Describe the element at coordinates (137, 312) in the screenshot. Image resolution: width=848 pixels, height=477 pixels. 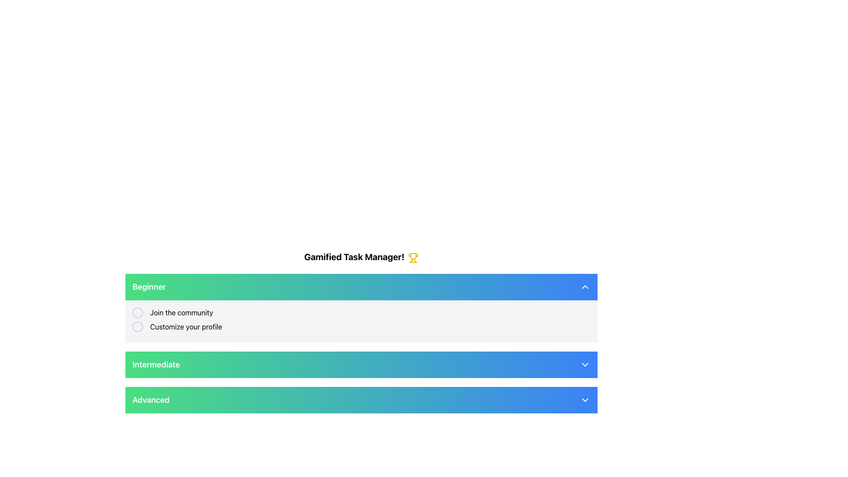
I see `the center of the radio button located in the upper-left section of the 'Beginner' panel` at that location.